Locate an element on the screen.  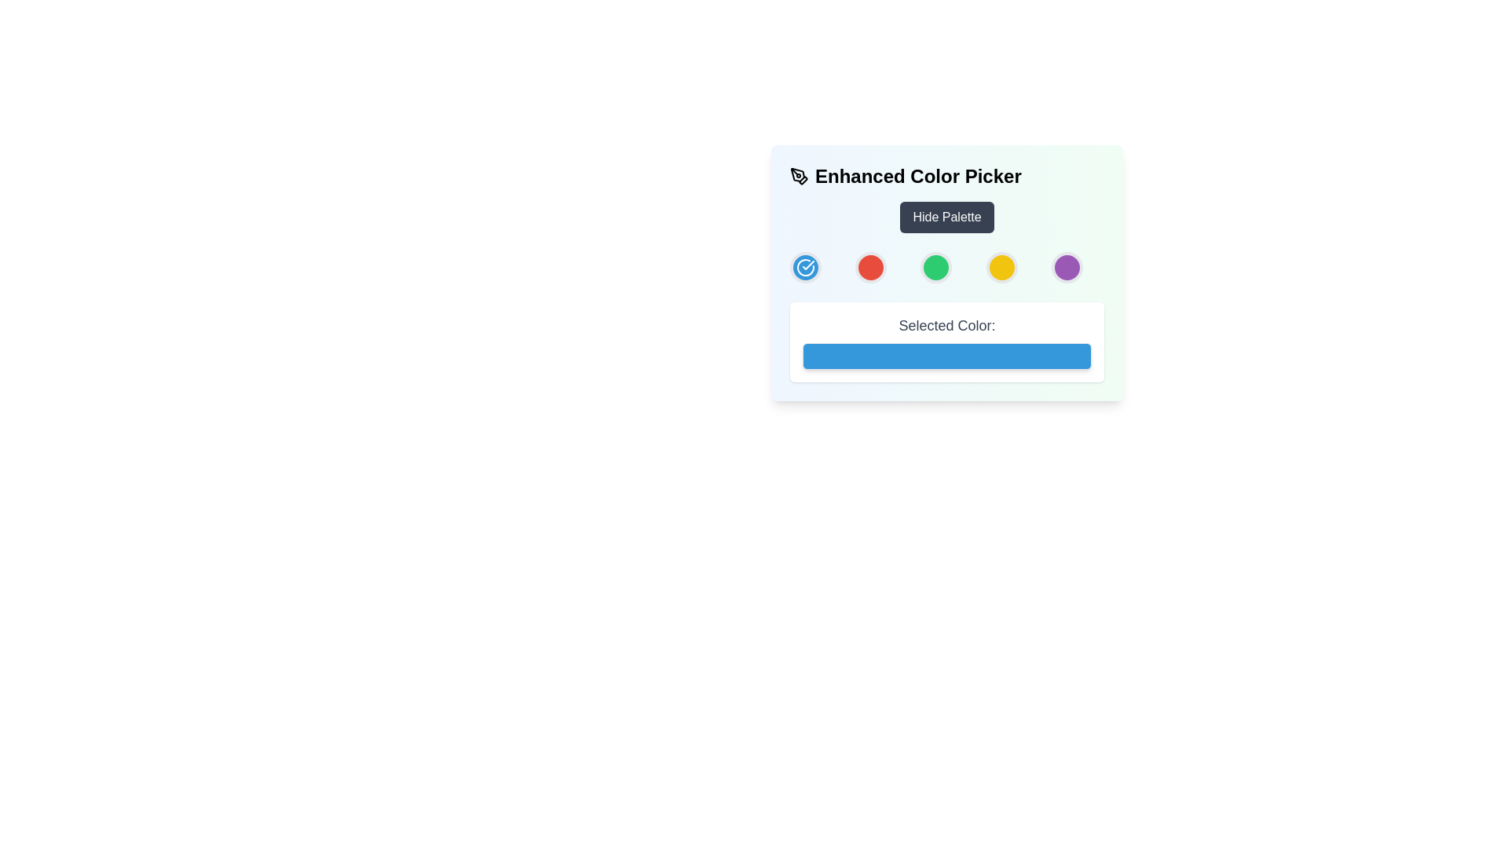
the first circular icon in the top-left corner of the row of colored icons is located at coordinates (806, 266).